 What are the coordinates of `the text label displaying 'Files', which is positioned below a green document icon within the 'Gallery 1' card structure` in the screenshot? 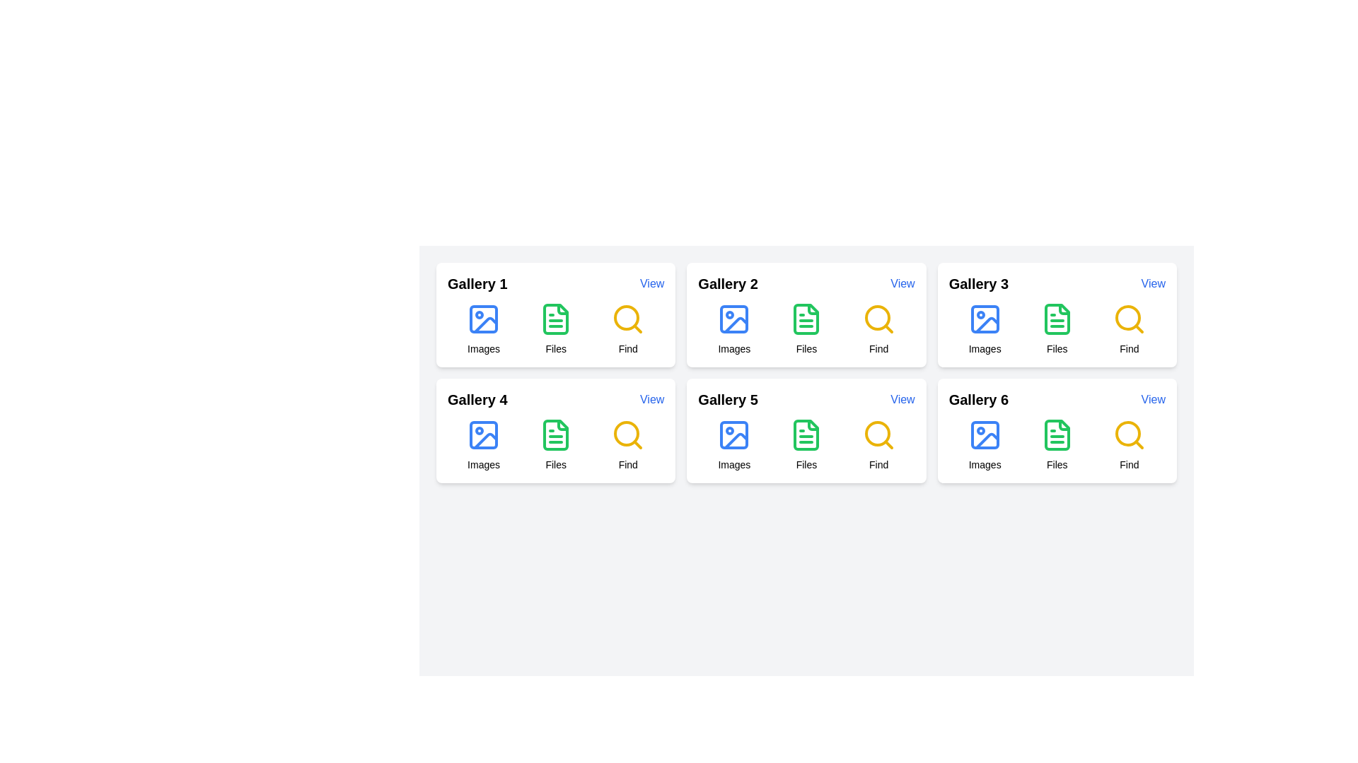 It's located at (555, 348).